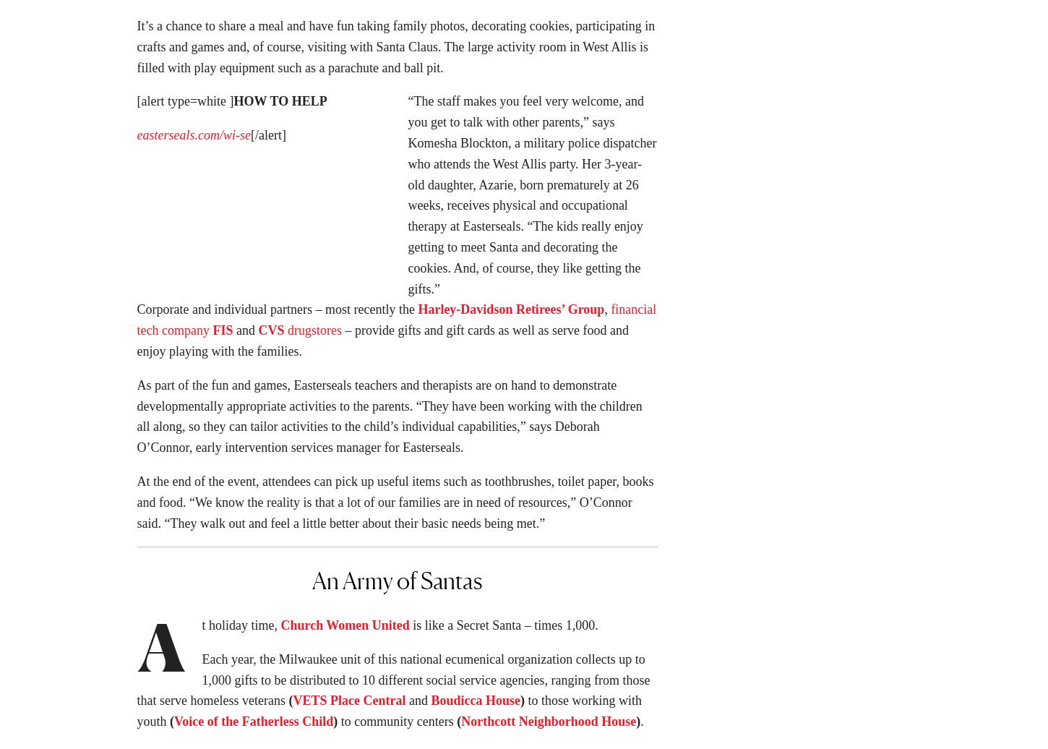  What do you see at coordinates (135, 421) in the screenshot?
I see `'As part of the fun and games, Easterseals teachers and therapists are on hand to demonstrate developmentally appropriate activities to the parents. “They have been working with the children all along, so they can tailor activities to the child’s individual capabilities,” says Deborah O’Connor, early intervention services manager for Easterseals.'` at bounding box center [135, 421].